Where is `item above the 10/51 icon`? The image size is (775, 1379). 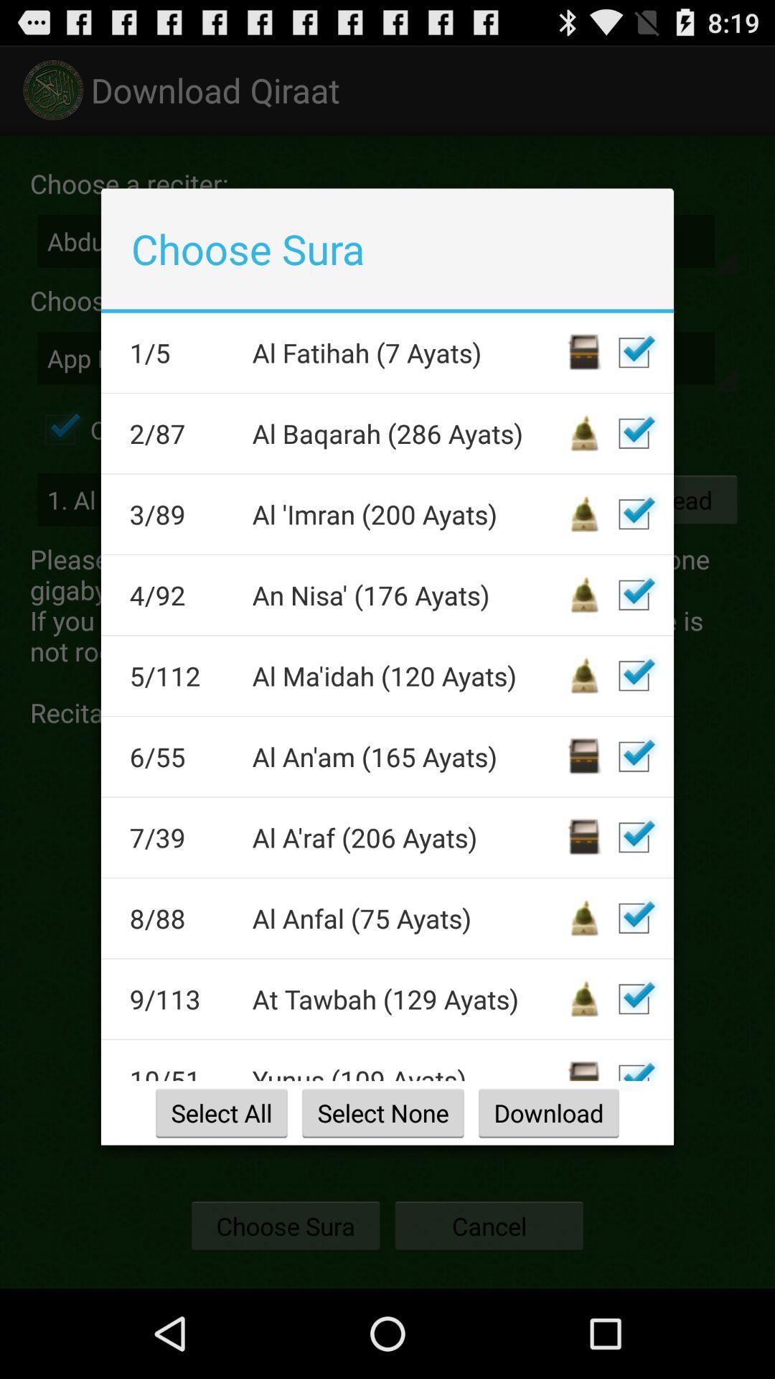
item above the 10/51 icon is located at coordinates (181, 998).